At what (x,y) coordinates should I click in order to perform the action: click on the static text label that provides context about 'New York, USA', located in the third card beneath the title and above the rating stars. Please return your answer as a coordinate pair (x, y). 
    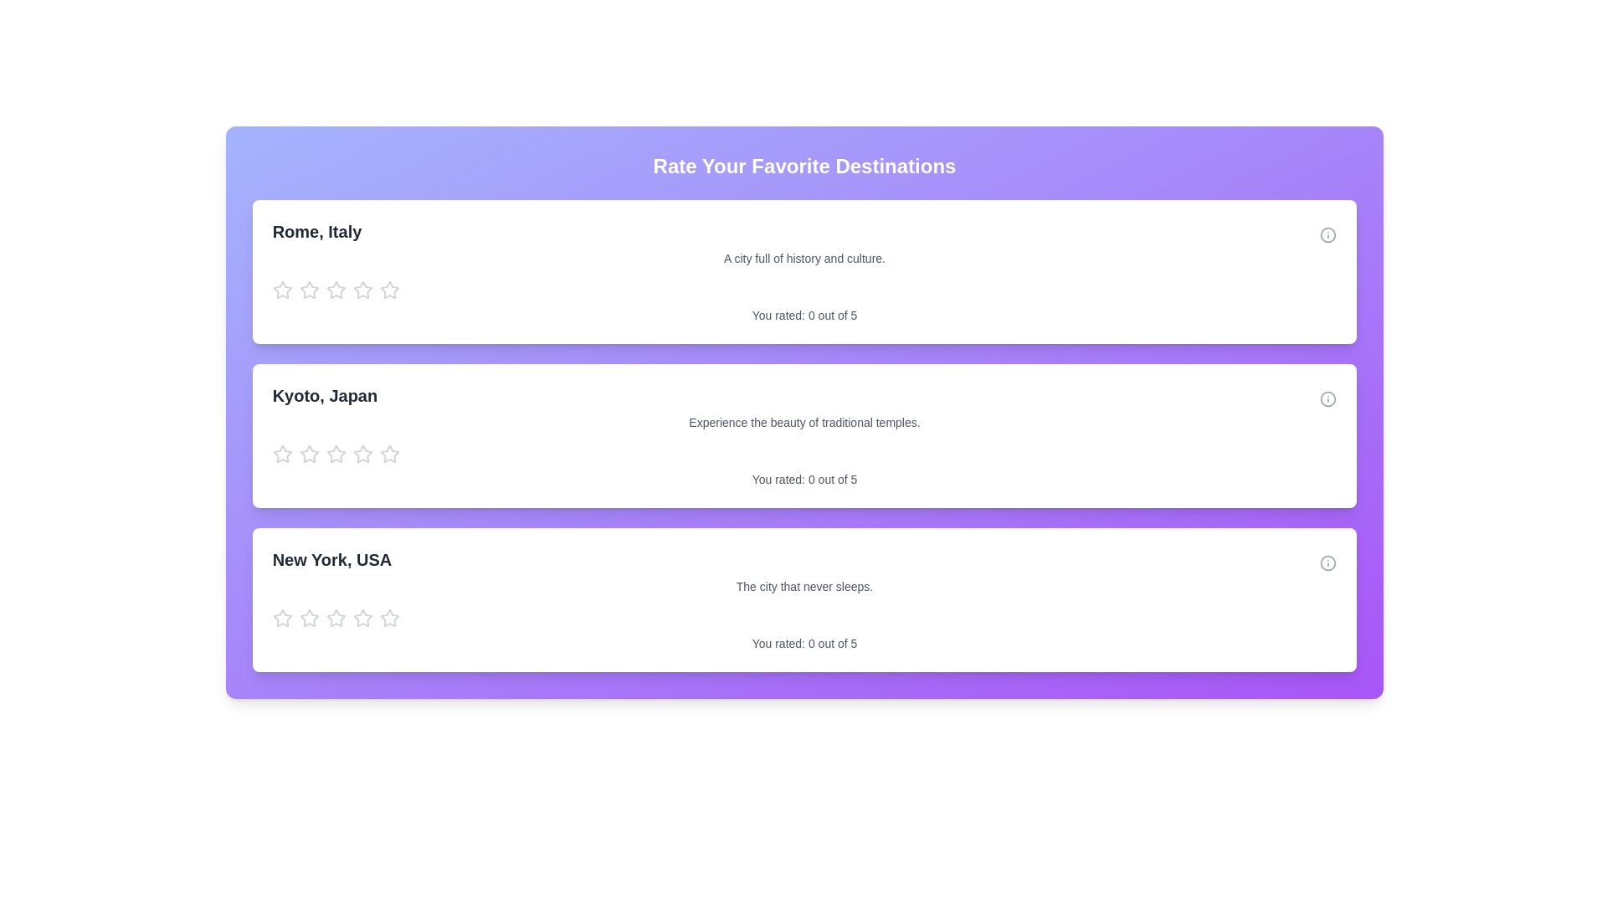
    Looking at the image, I should click on (804, 586).